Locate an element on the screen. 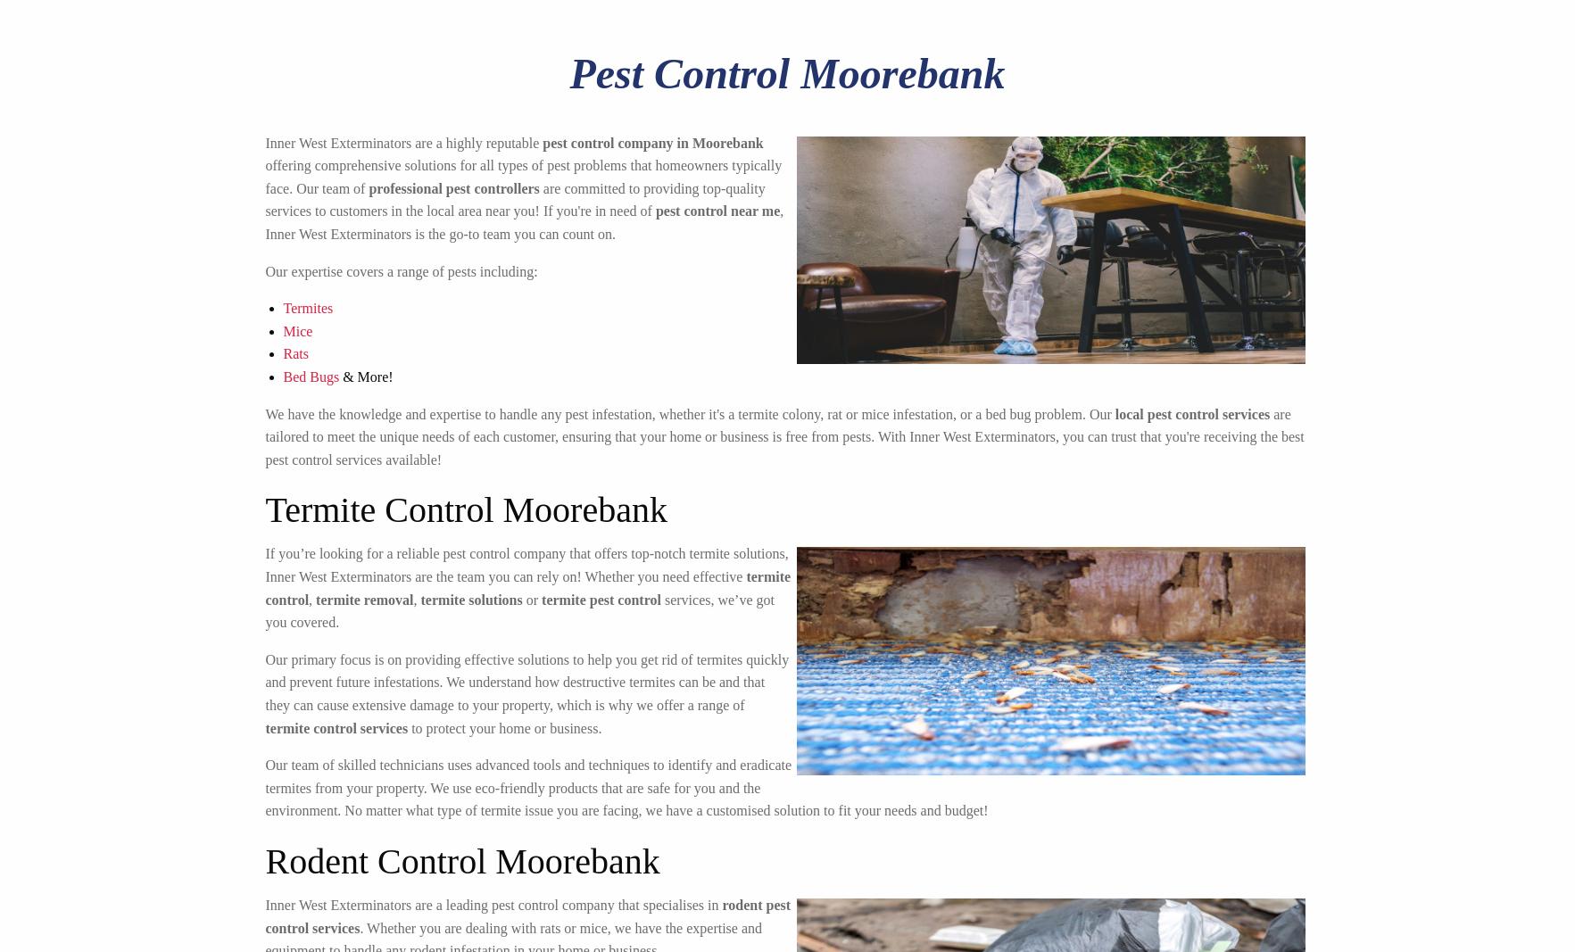 Image resolution: width=1575 pixels, height=952 pixels. 'termite removal' is located at coordinates (363, 599).